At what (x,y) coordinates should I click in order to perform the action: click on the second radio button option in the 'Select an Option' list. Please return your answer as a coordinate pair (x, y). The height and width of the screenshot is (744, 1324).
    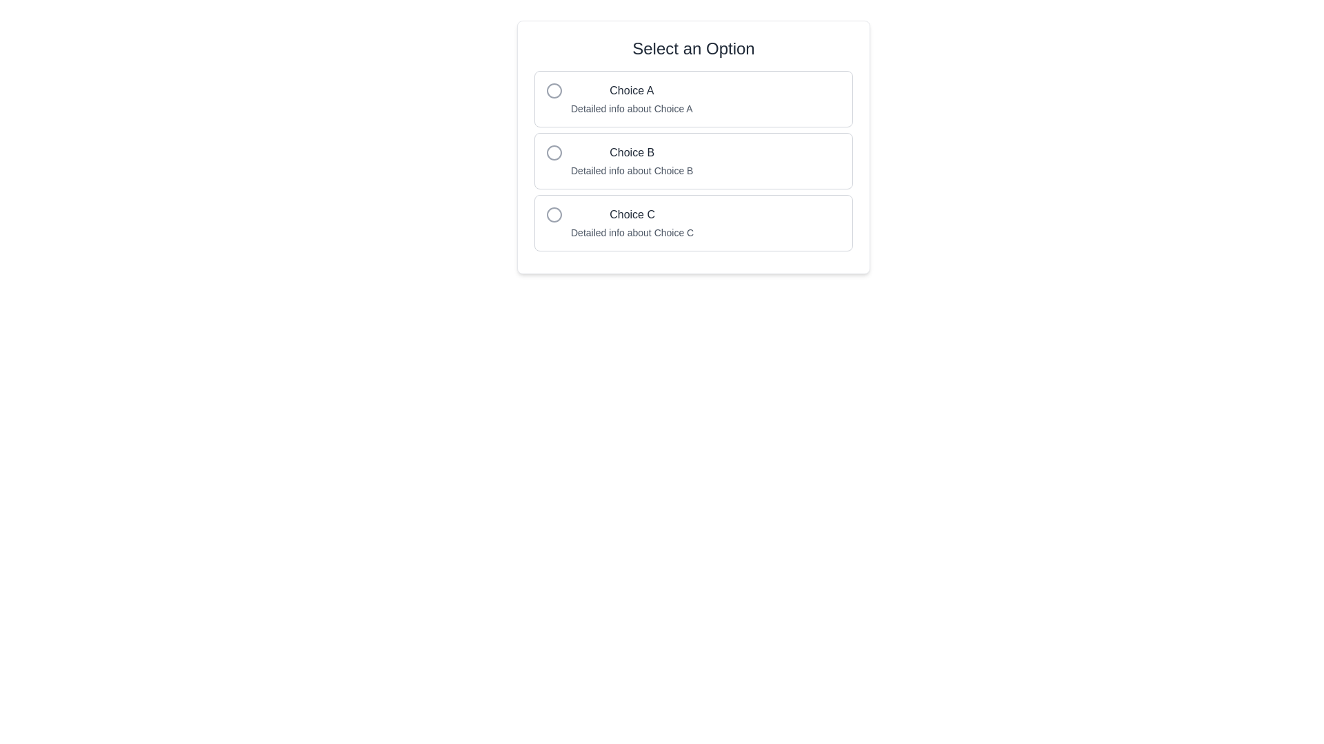
    Looking at the image, I should click on (694, 161).